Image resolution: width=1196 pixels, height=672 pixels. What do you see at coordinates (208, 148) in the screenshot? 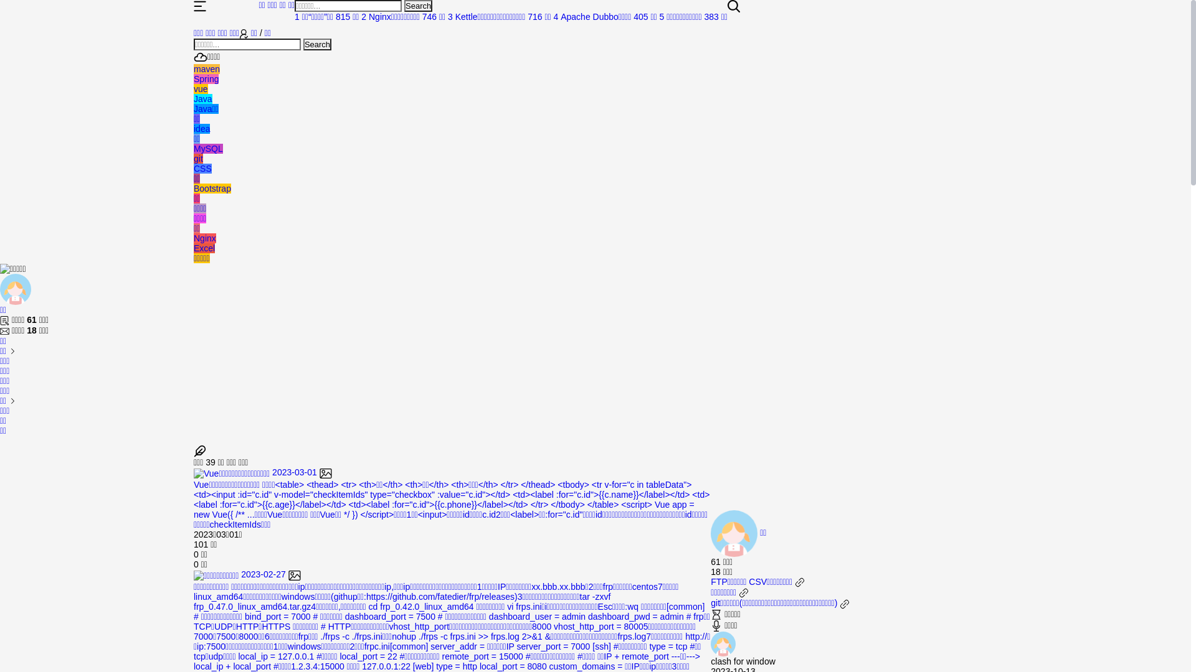
I see `'MySQL'` at bounding box center [208, 148].